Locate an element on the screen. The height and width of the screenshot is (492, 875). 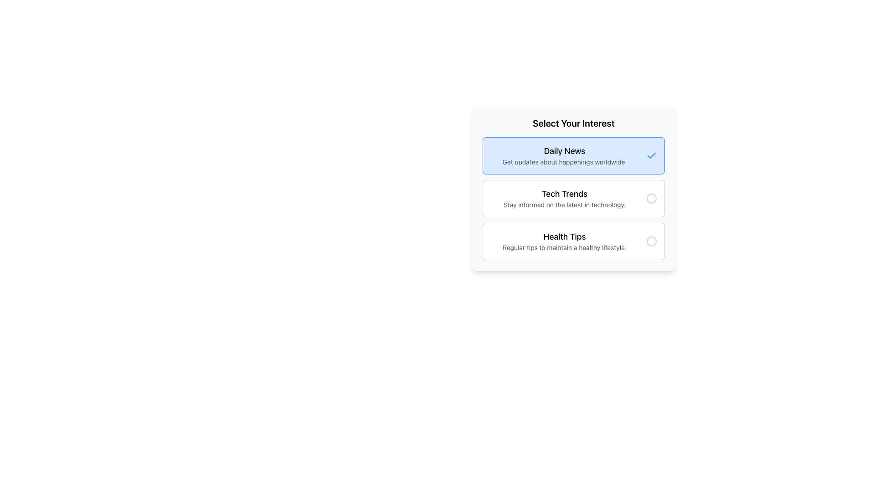
the 'Tech Trends' text block, which features a bold title and a smaller subtitle, located between 'Daily News' and 'Health Tips' is located at coordinates (564, 198).